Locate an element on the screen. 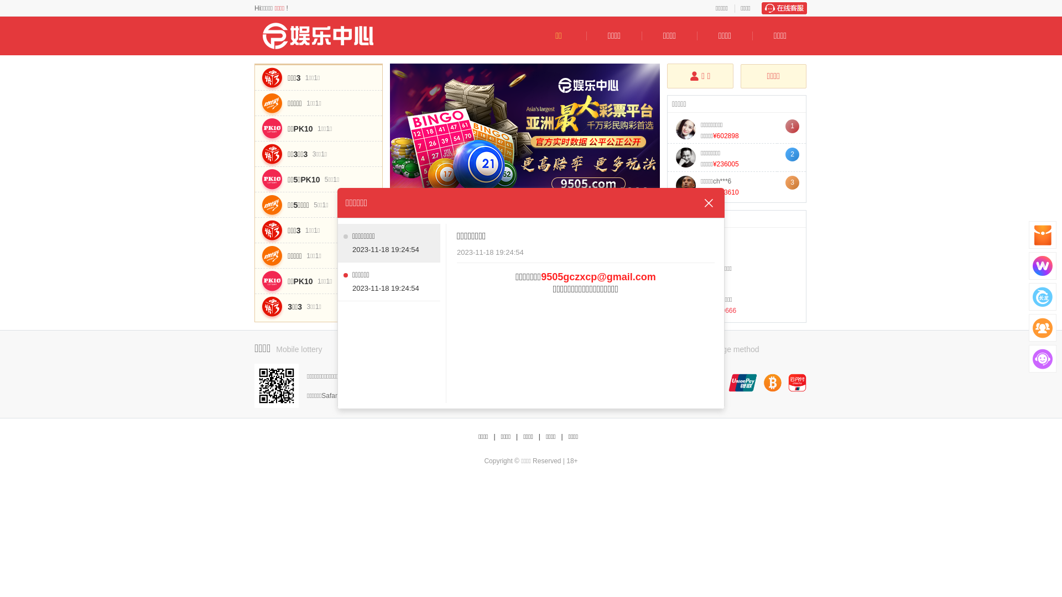  '|' is located at coordinates (516, 436).